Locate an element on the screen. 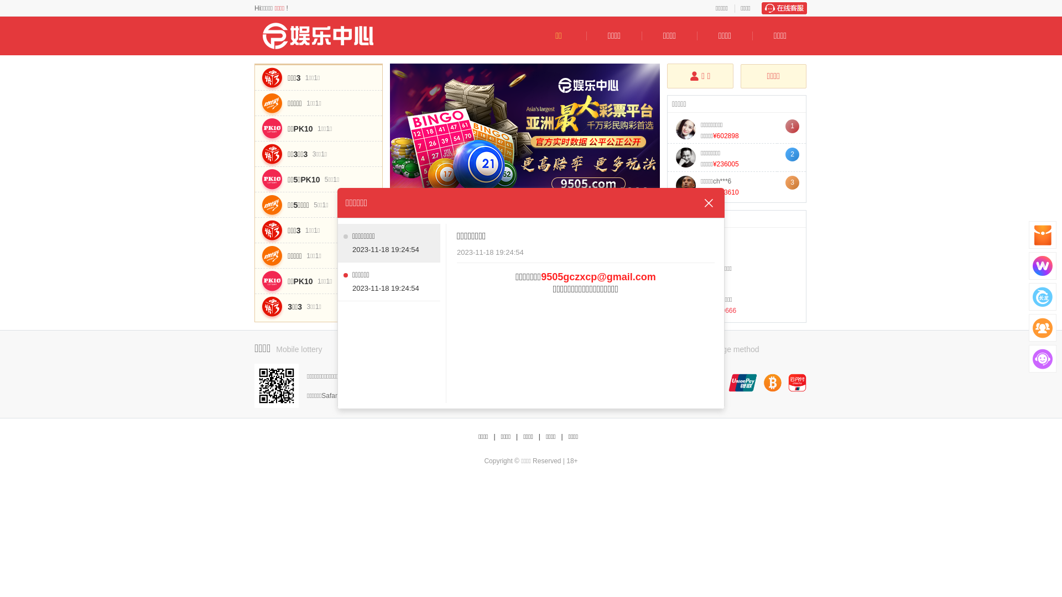  '|' is located at coordinates (516, 436).